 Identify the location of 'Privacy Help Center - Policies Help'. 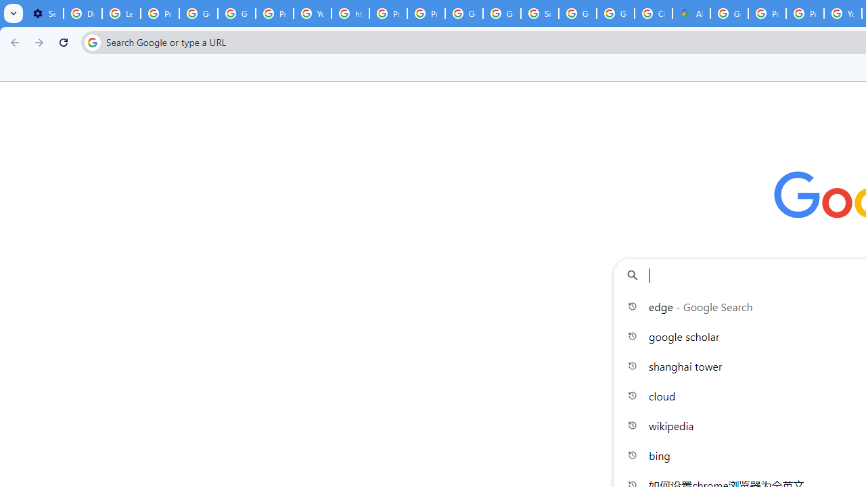
(805, 14).